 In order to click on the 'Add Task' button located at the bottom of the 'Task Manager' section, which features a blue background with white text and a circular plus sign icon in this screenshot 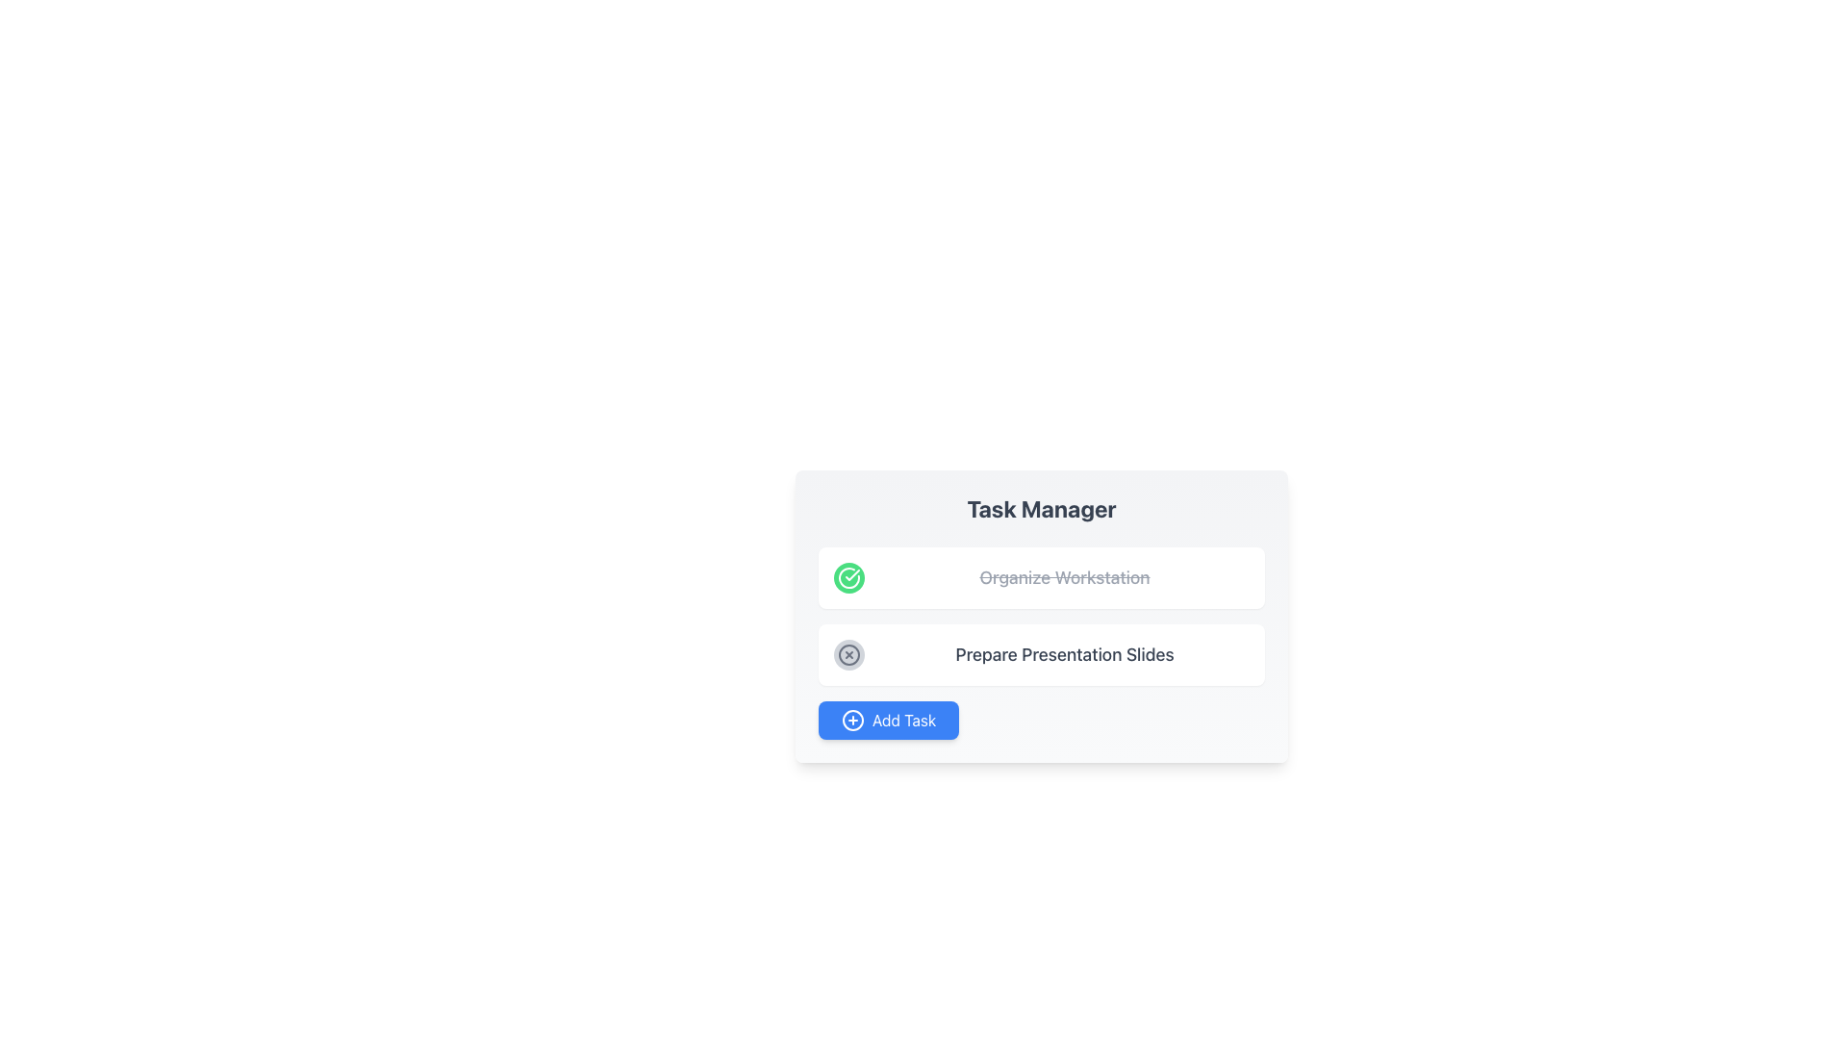, I will do `click(888, 720)`.